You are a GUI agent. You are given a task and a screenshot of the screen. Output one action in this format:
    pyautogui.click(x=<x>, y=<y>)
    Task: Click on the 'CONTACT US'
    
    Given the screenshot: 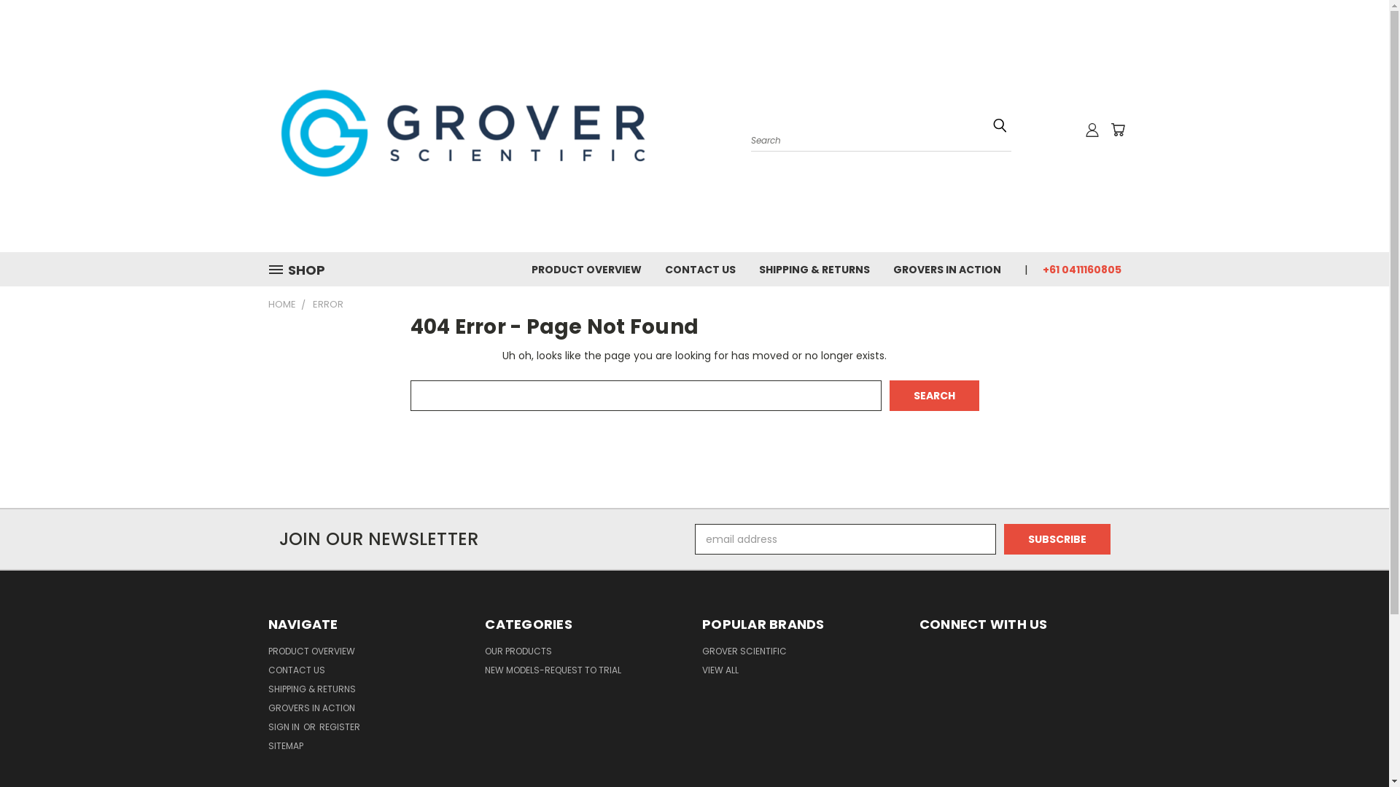 What is the action you would take?
    pyautogui.click(x=296, y=673)
    